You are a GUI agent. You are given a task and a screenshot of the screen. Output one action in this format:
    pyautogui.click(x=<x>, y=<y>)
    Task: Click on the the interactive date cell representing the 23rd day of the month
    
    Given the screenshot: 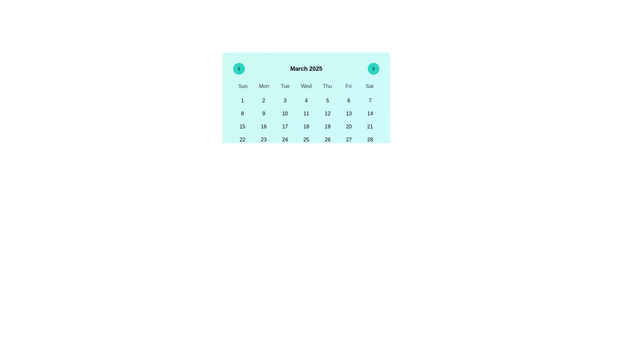 What is the action you would take?
    pyautogui.click(x=264, y=139)
    